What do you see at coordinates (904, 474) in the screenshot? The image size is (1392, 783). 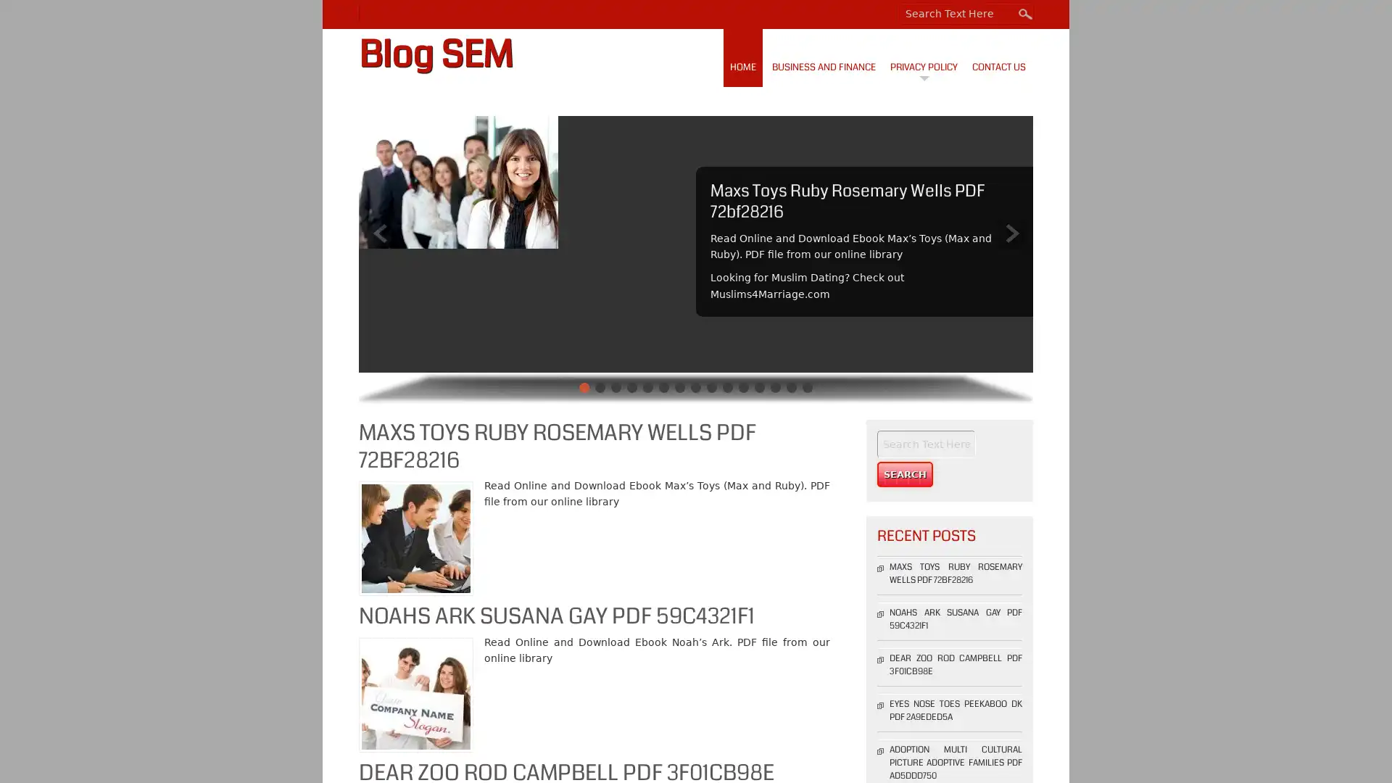 I see `Search` at bounding box center [904, 474].